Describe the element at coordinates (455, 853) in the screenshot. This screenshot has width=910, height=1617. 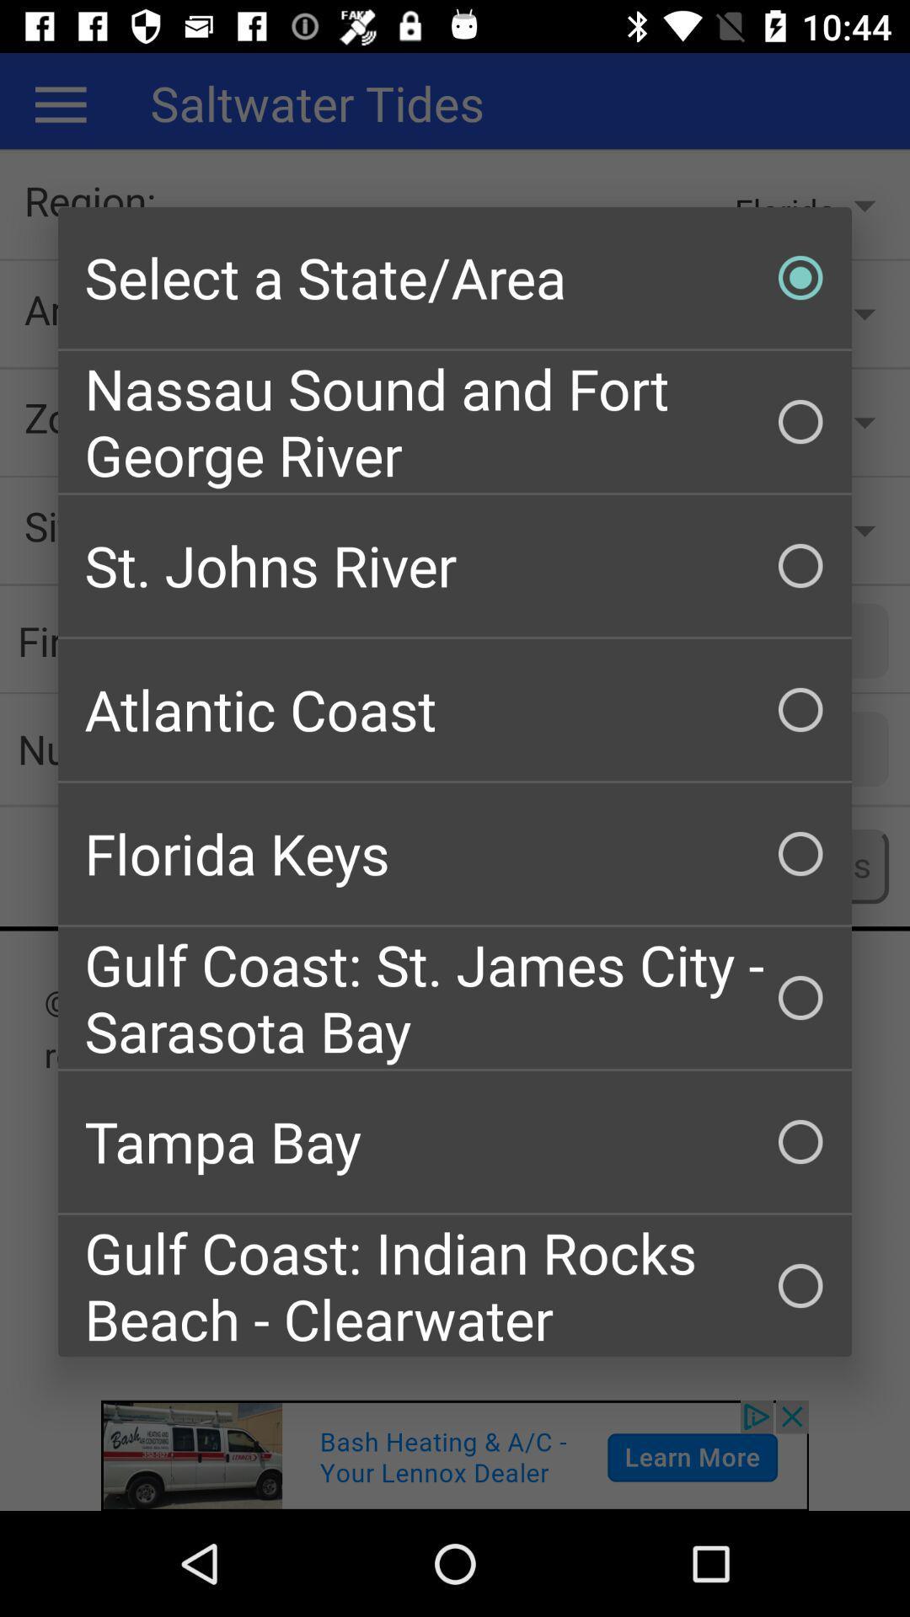
I see `checkbox below atlantic coast` at that location.